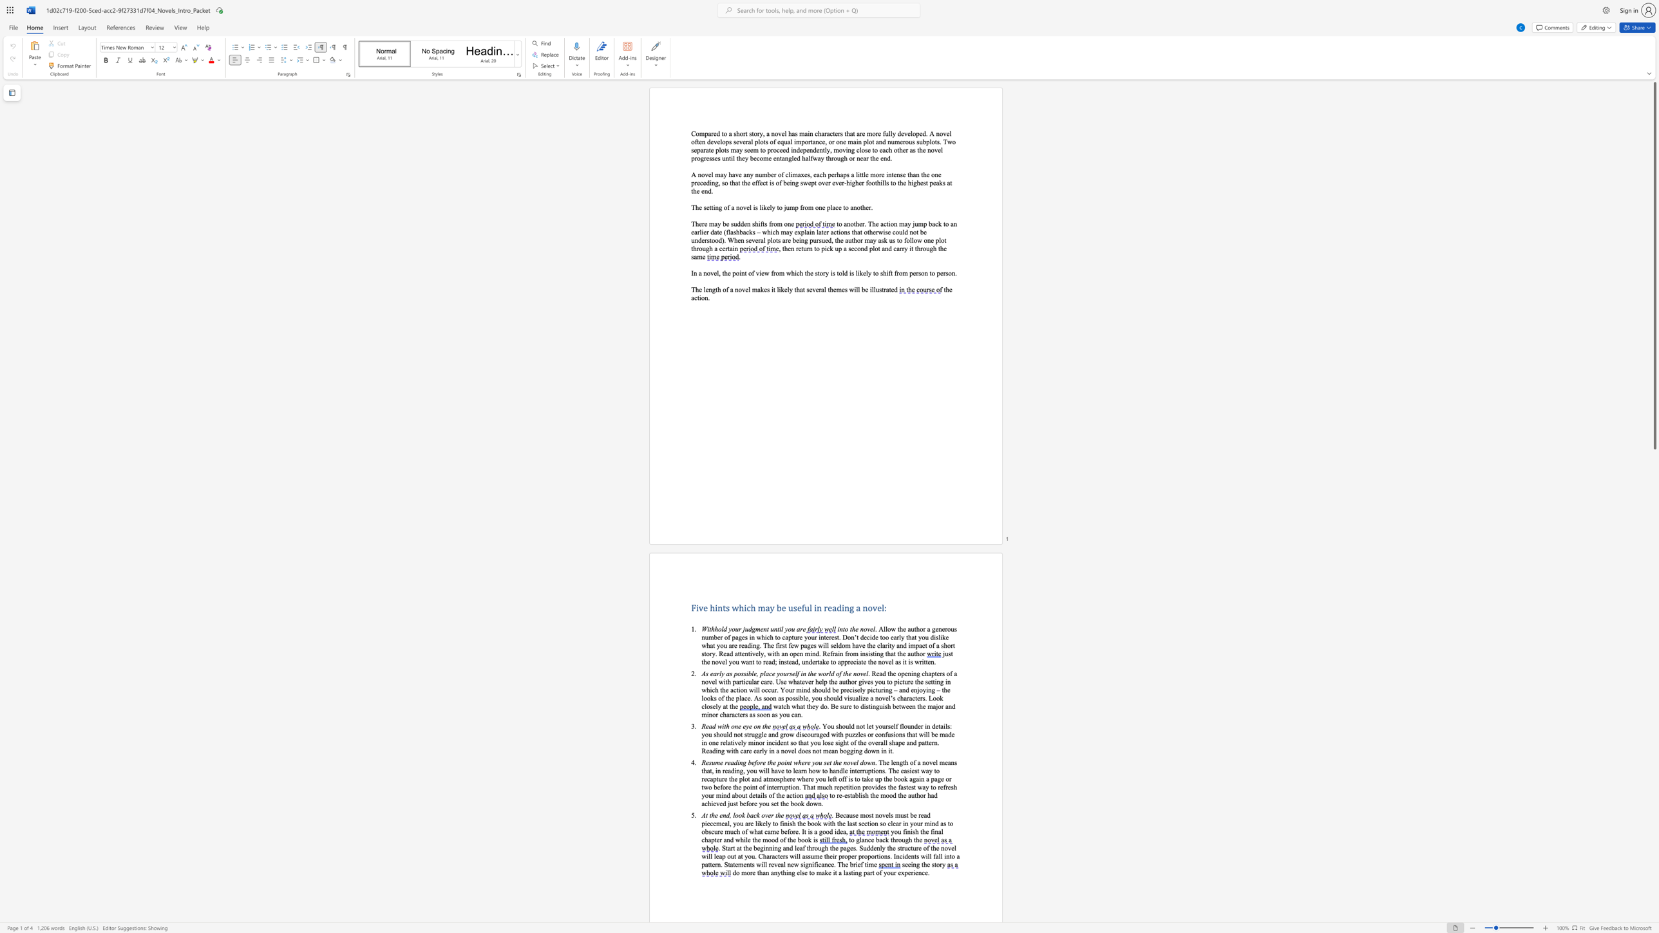  I want to click on the subset text "hrough the pages. Suddenly the structure of the novel will leap out at you. Characters will assume their proper proportions. Incidents will fall into a pattern" within the text ". Start at the beginning and leaf through the pages. Suddenly the structure of the novel will leap out at you. Characters will assume their proper proportions. Incidents will fall into a pattern. S", so click(808, 847).